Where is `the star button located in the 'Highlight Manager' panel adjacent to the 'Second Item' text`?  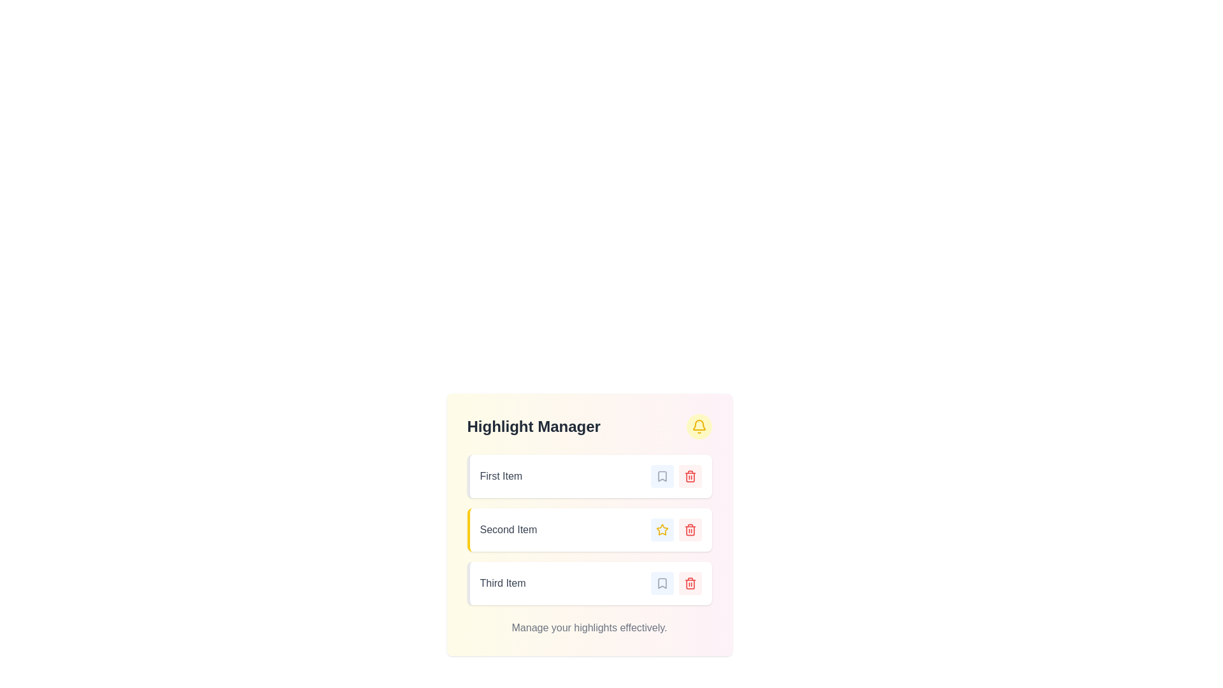
the star button located in the 'Highlight Manager' panel adjacent to the 'Second Item' text is located at coordinates (662, 530).